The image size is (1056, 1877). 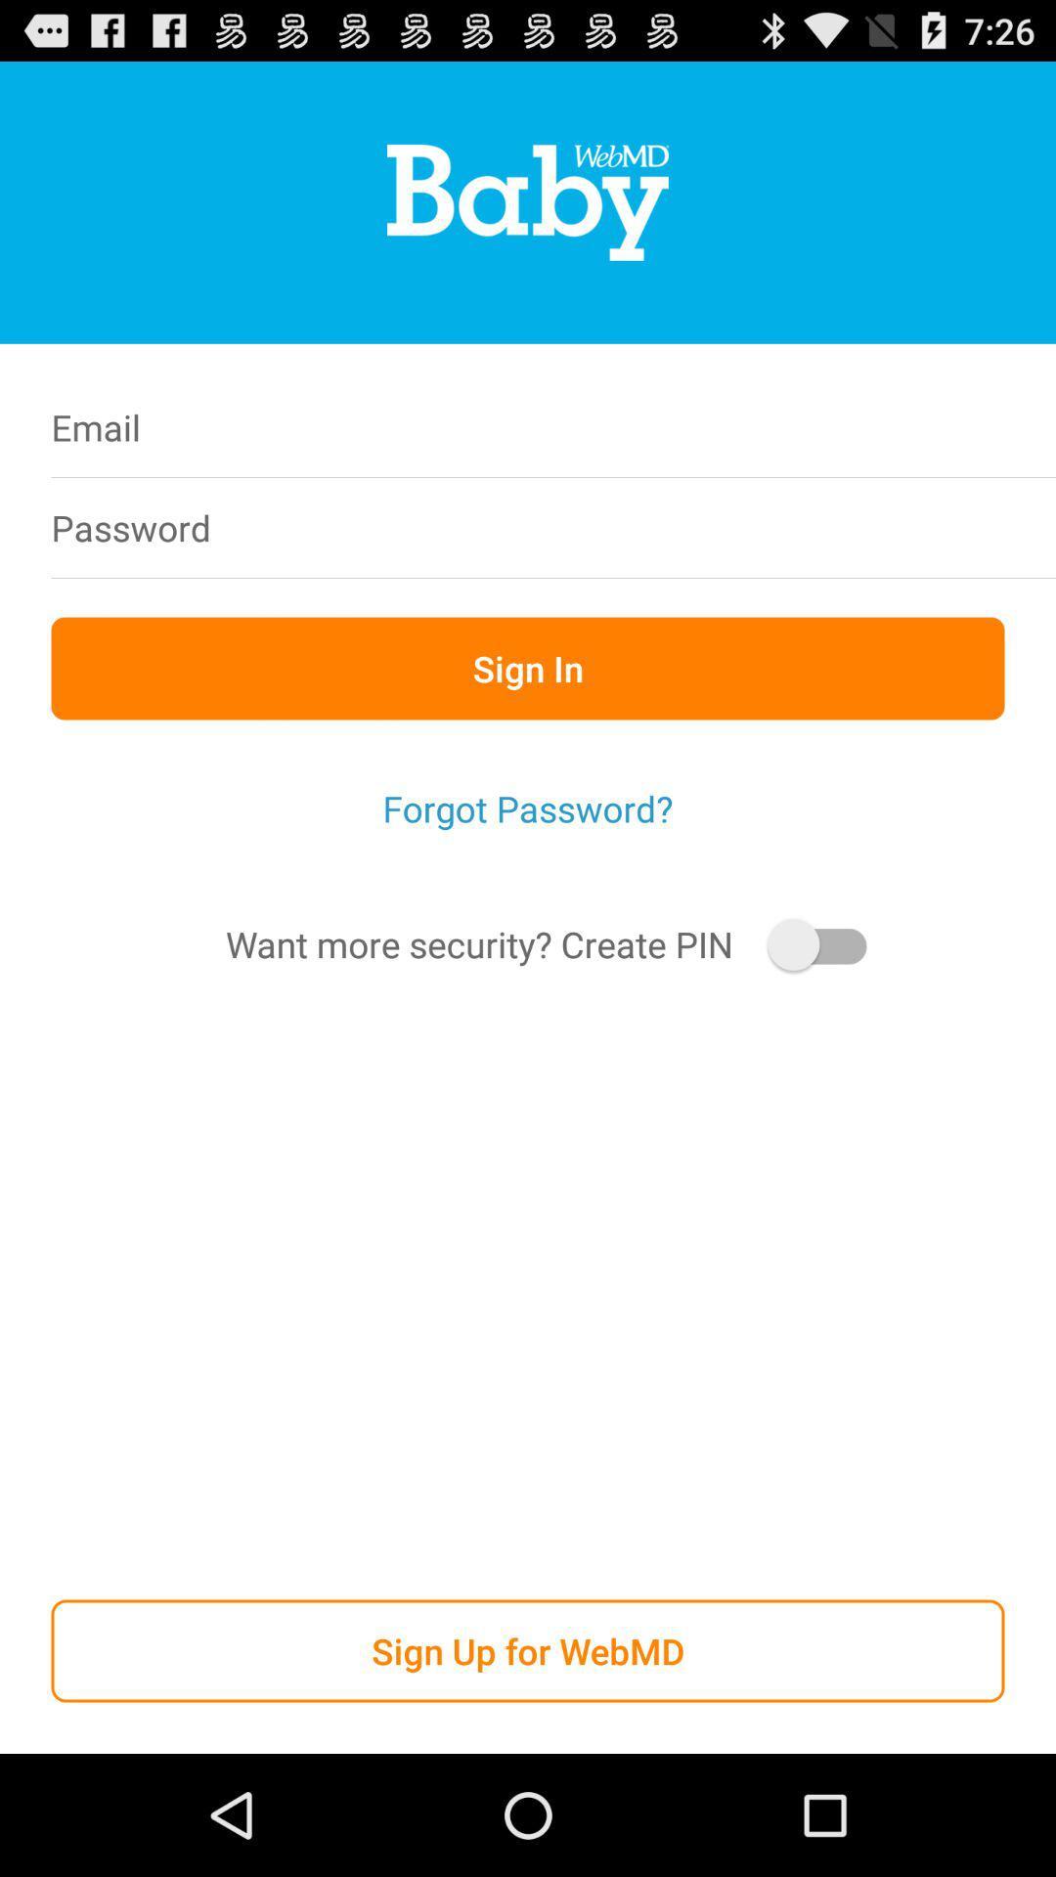 I want to click on type email address here, so click(x=653, y=426).